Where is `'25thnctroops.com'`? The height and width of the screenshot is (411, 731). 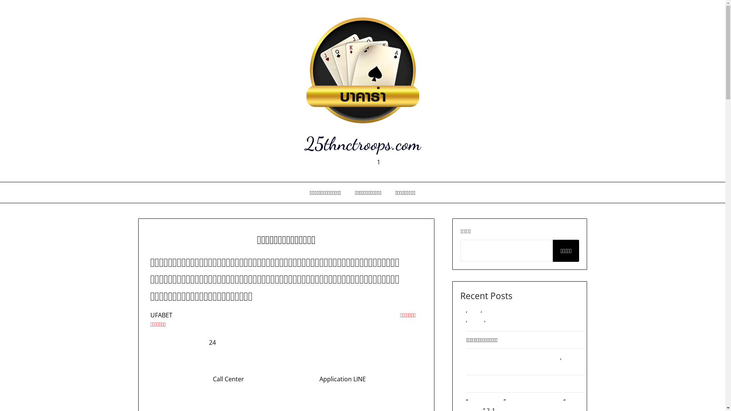 '25thnctroops.com' is located at coordinates (362, 143).